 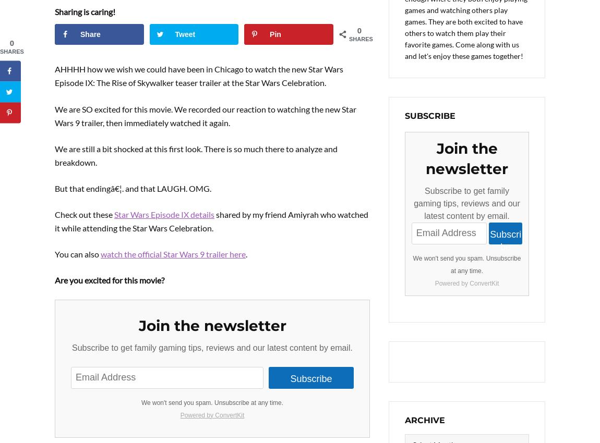 What do you see at coordinates (109, 279) in the screenshot?
I see `'Are you excited for this movie?'` at bounding box center [109, 279].